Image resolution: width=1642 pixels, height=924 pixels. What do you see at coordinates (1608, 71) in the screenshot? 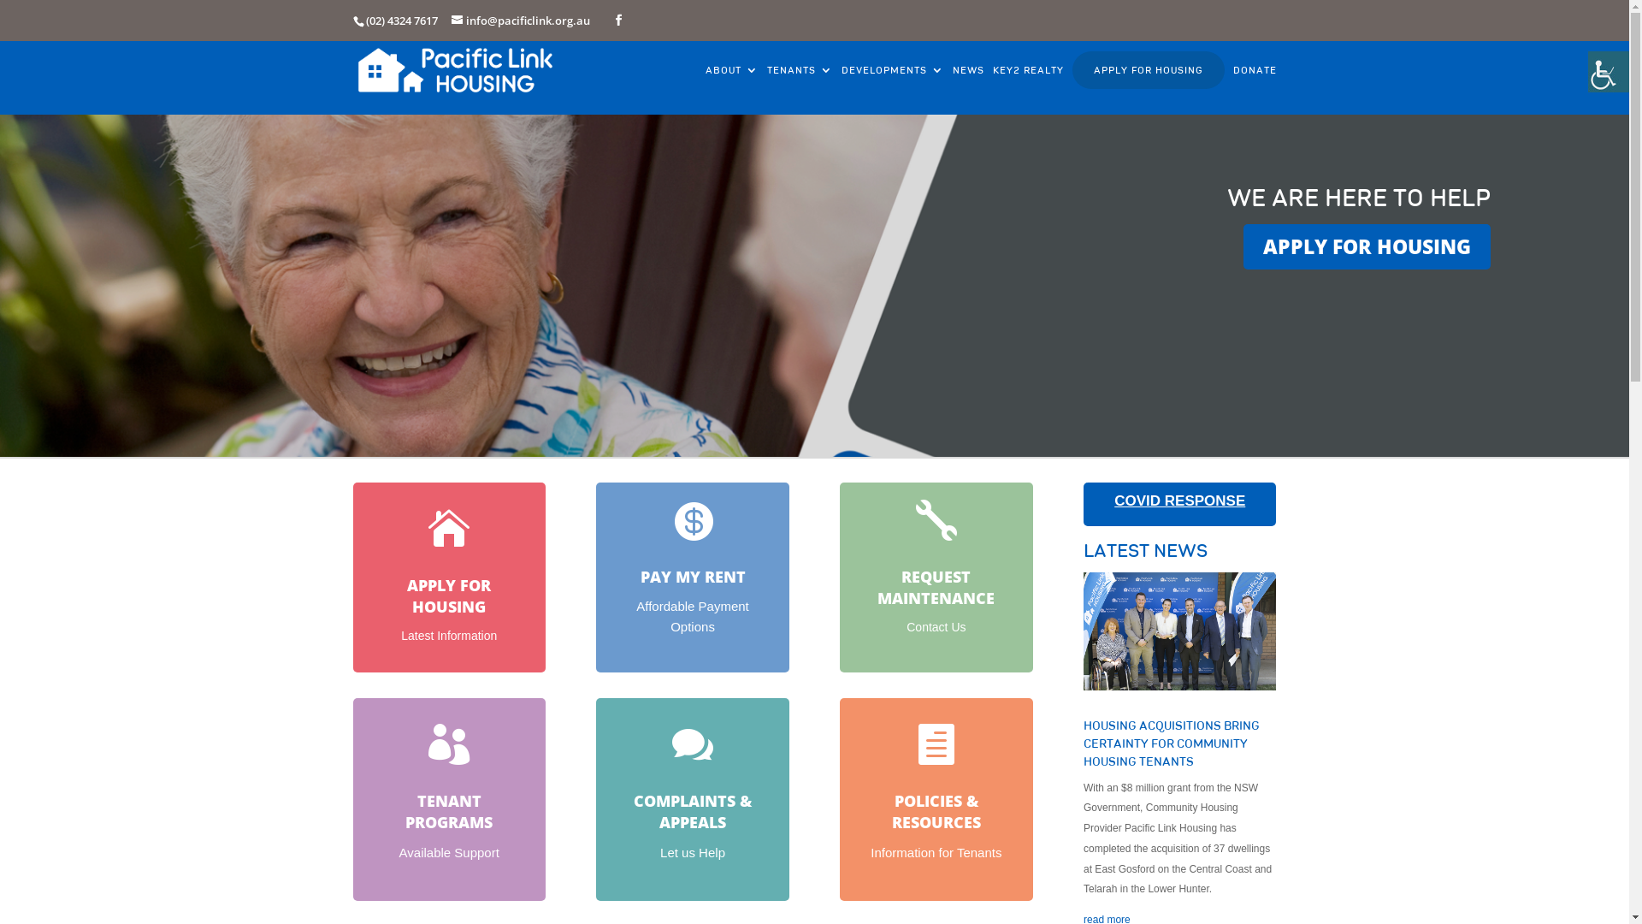
I see `'Accessibility Helper sidebar'` at bounding box center [1608, 71].